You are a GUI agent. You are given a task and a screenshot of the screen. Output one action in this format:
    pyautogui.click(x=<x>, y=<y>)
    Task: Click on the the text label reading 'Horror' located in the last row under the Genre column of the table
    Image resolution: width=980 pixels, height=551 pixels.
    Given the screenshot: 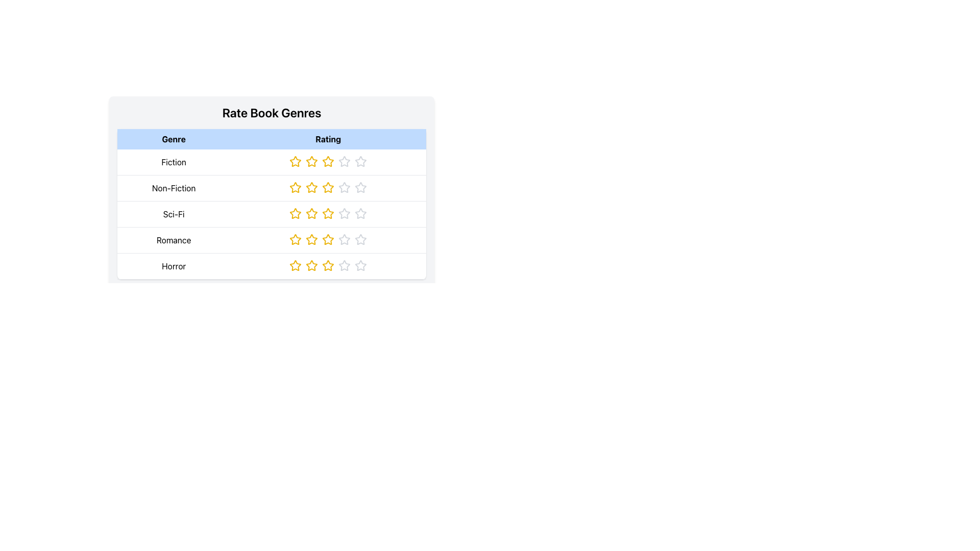 What is the action you would take?
    pyautogui.click(x=174, y=265)
    